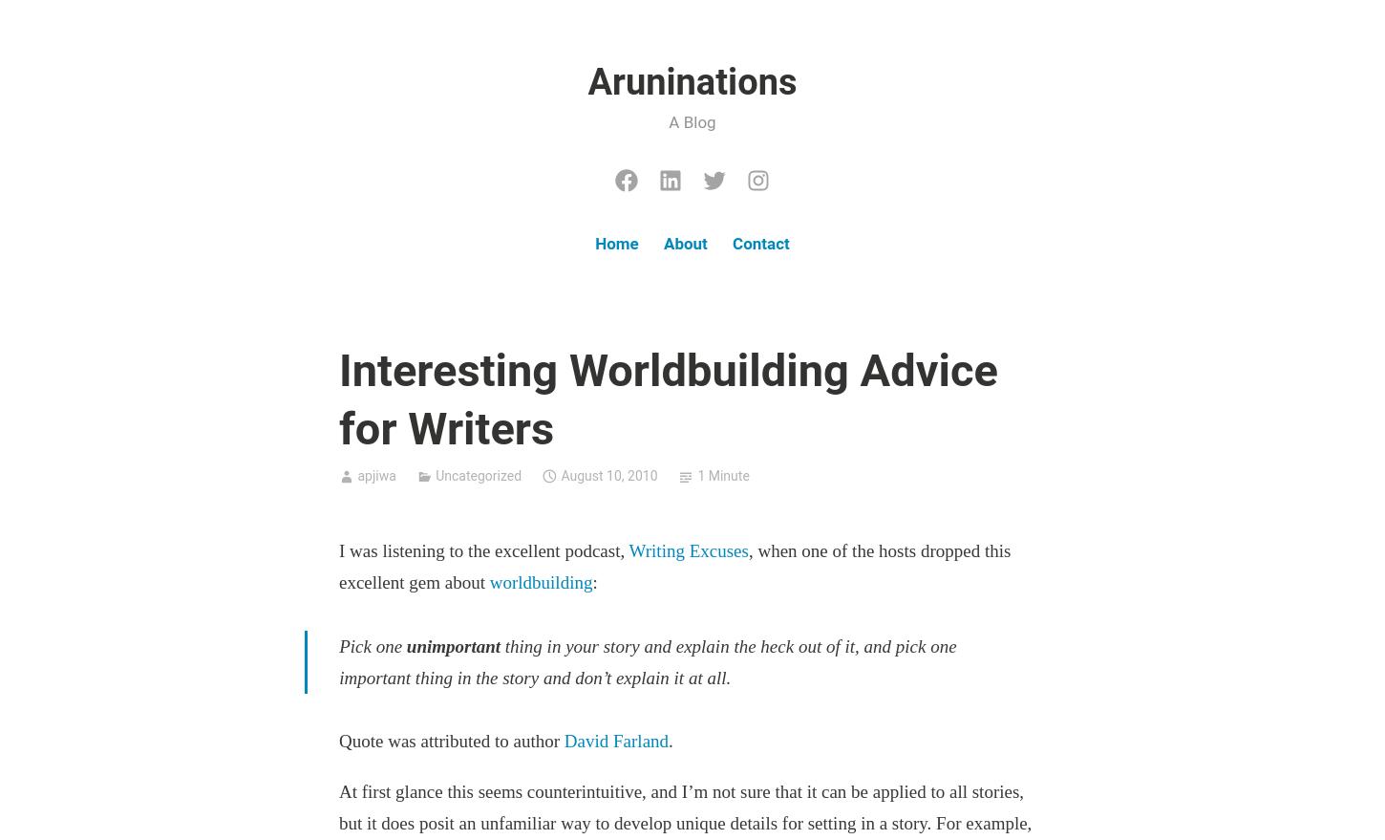  What do you see at coordinates (615, 242) in the screenshot?
I see `'Home'` at bounding box center [615, 242].